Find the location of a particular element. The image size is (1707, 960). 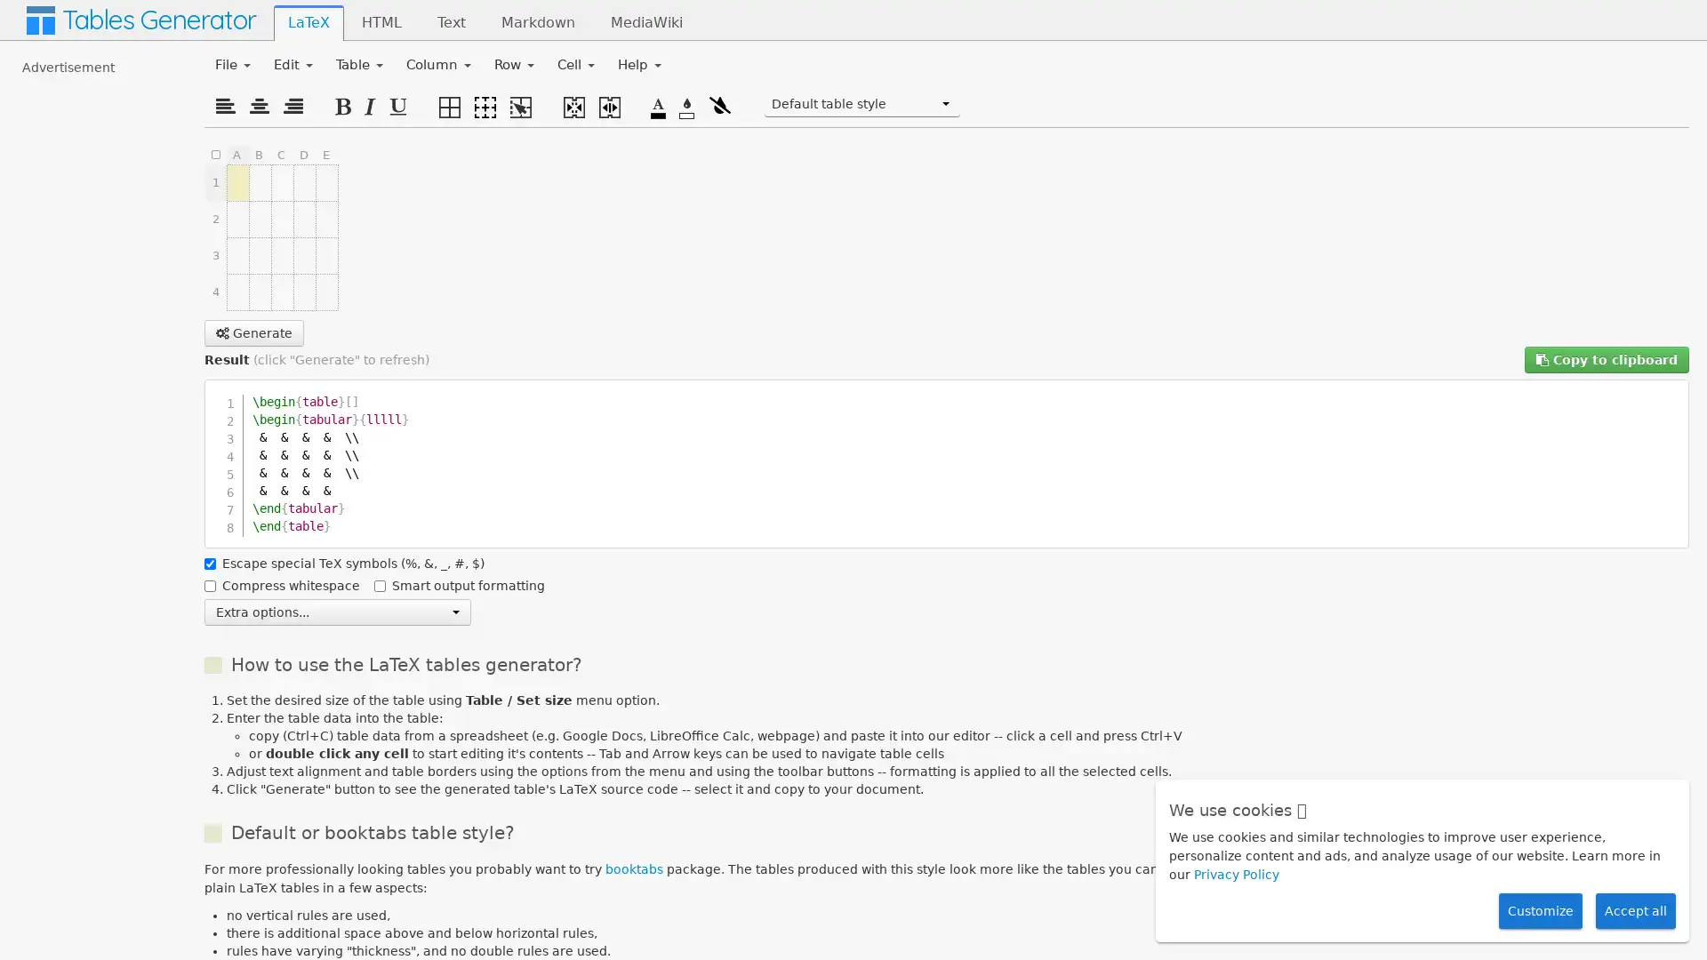

File is located at coordinates (232, 64).